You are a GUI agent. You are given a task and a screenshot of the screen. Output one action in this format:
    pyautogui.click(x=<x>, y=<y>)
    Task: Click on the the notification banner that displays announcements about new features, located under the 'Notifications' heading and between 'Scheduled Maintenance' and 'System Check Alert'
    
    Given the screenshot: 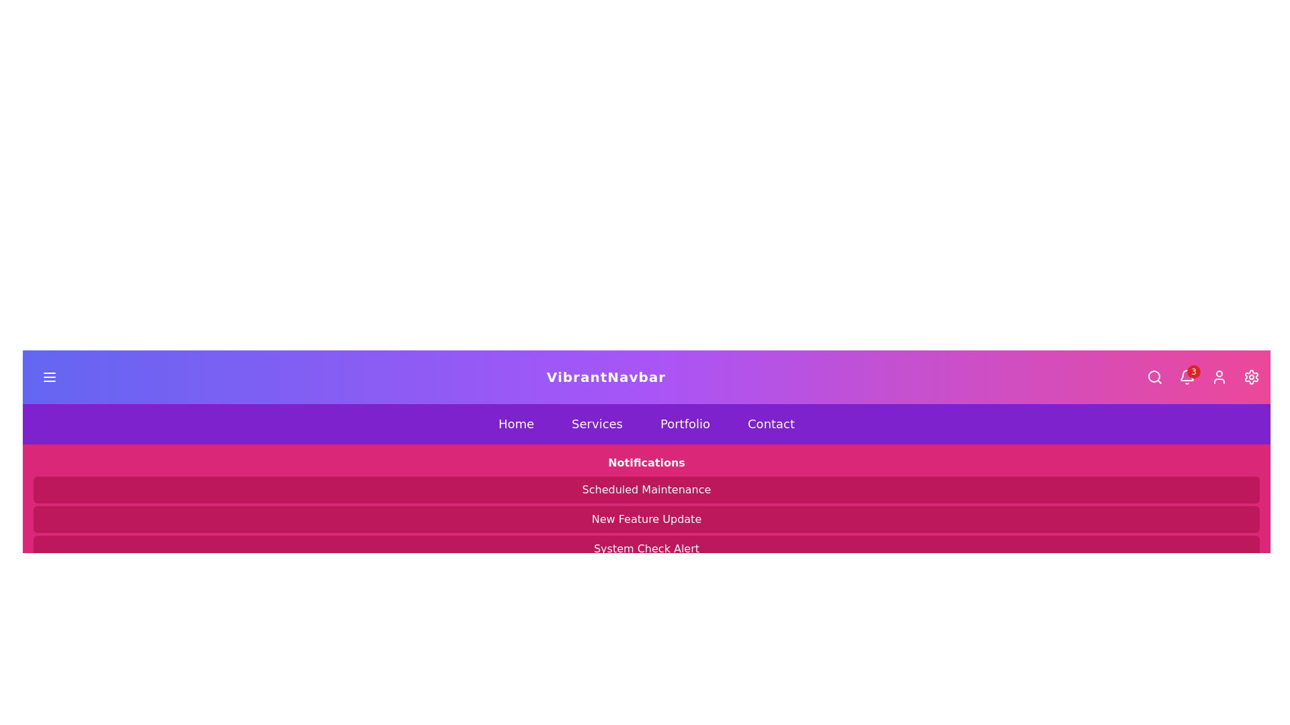 What is the action you would take?
    pyautogui.click(x=646, y=519)
    